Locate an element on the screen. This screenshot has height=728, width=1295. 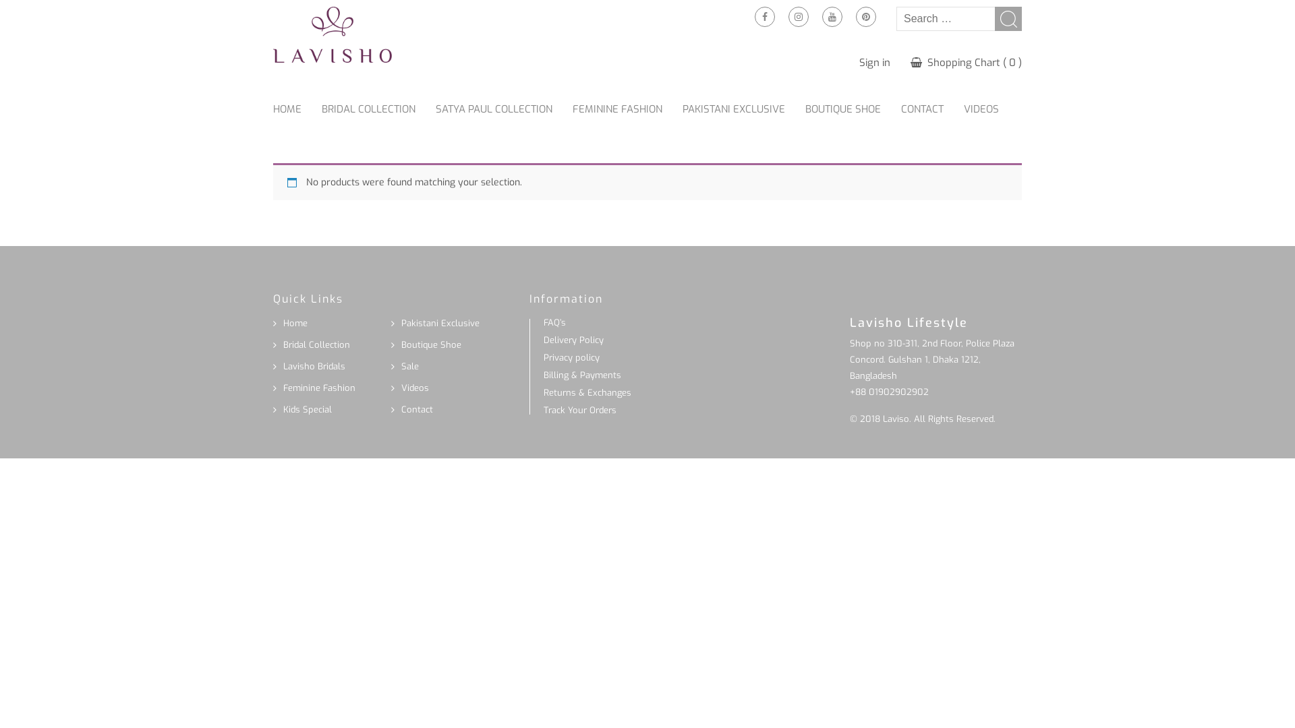
'CONTACT' is located at coordinates (931, 109).